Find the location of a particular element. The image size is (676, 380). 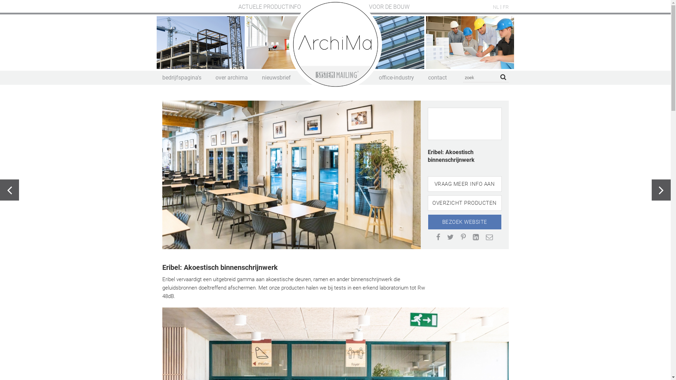

'LinkedIn' is located at coordinates (476, 237).